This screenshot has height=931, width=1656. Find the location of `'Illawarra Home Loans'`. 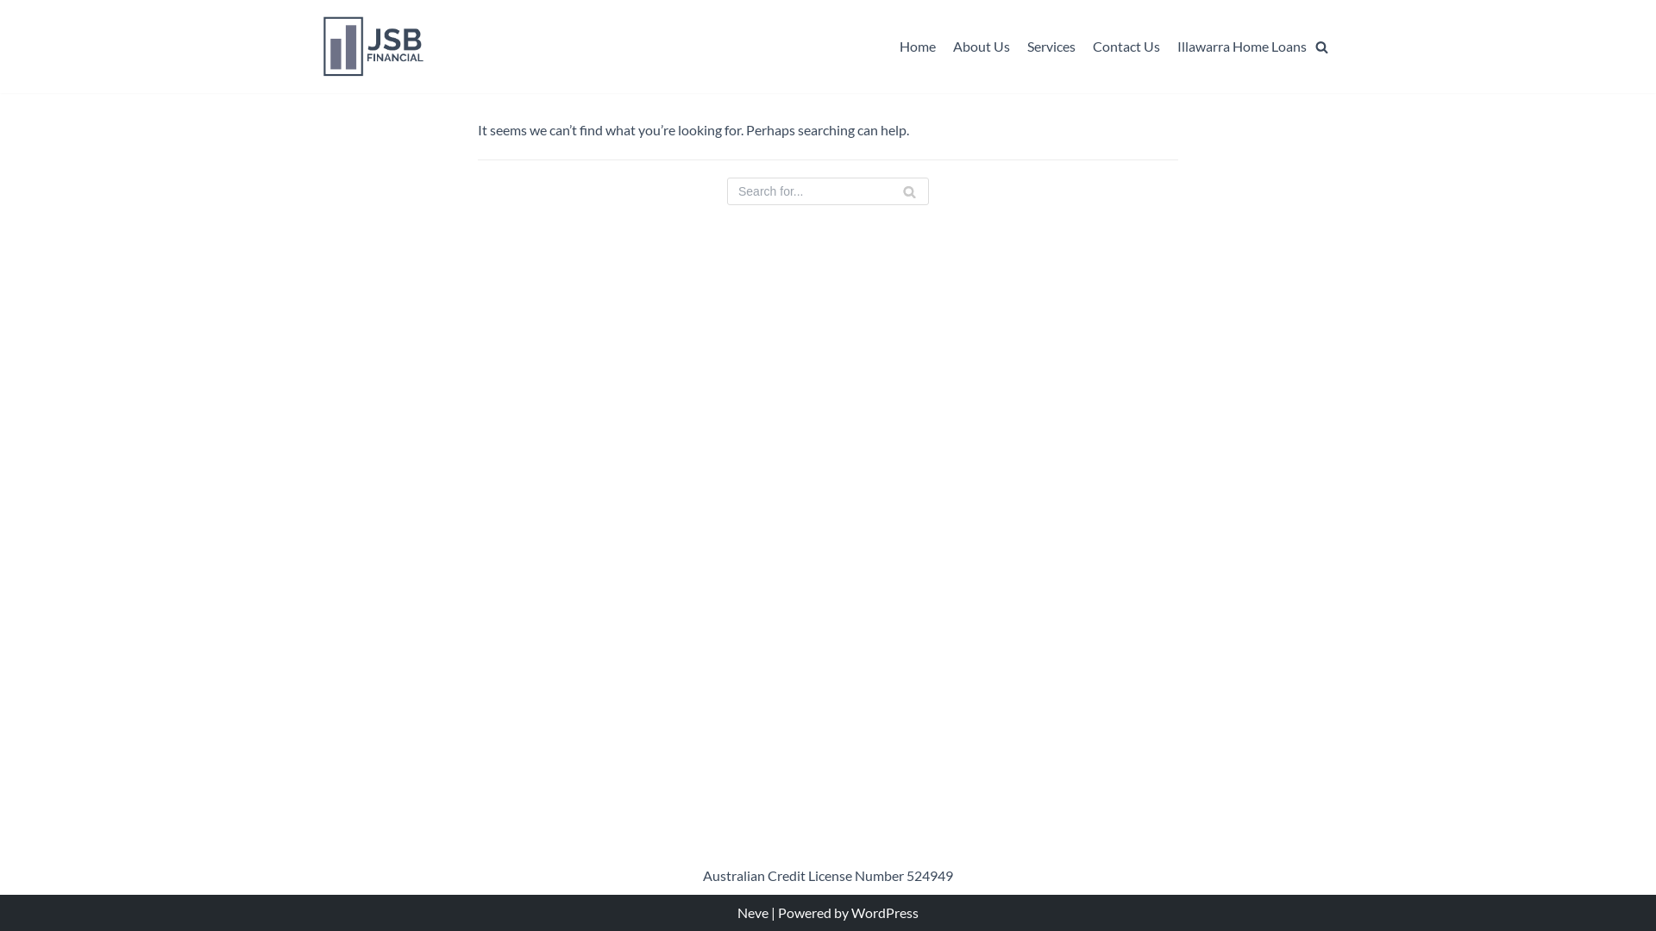

'Illawarra Home Loans' is located at coordinates (1242, 46).